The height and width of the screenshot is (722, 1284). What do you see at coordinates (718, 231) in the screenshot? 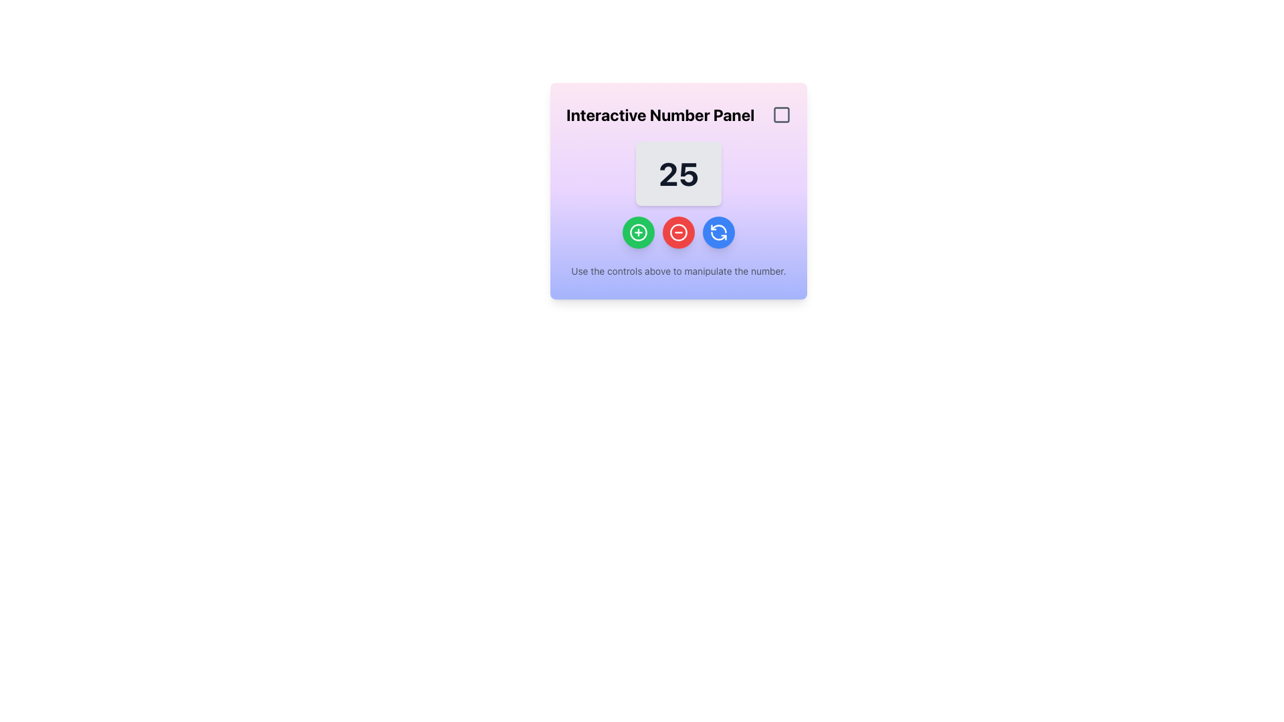
I see `the circular blue button with a white refresh icon, located as the third button in a row of three buttons below a numerical display, to reset the number` at bounding box center [718, 231].